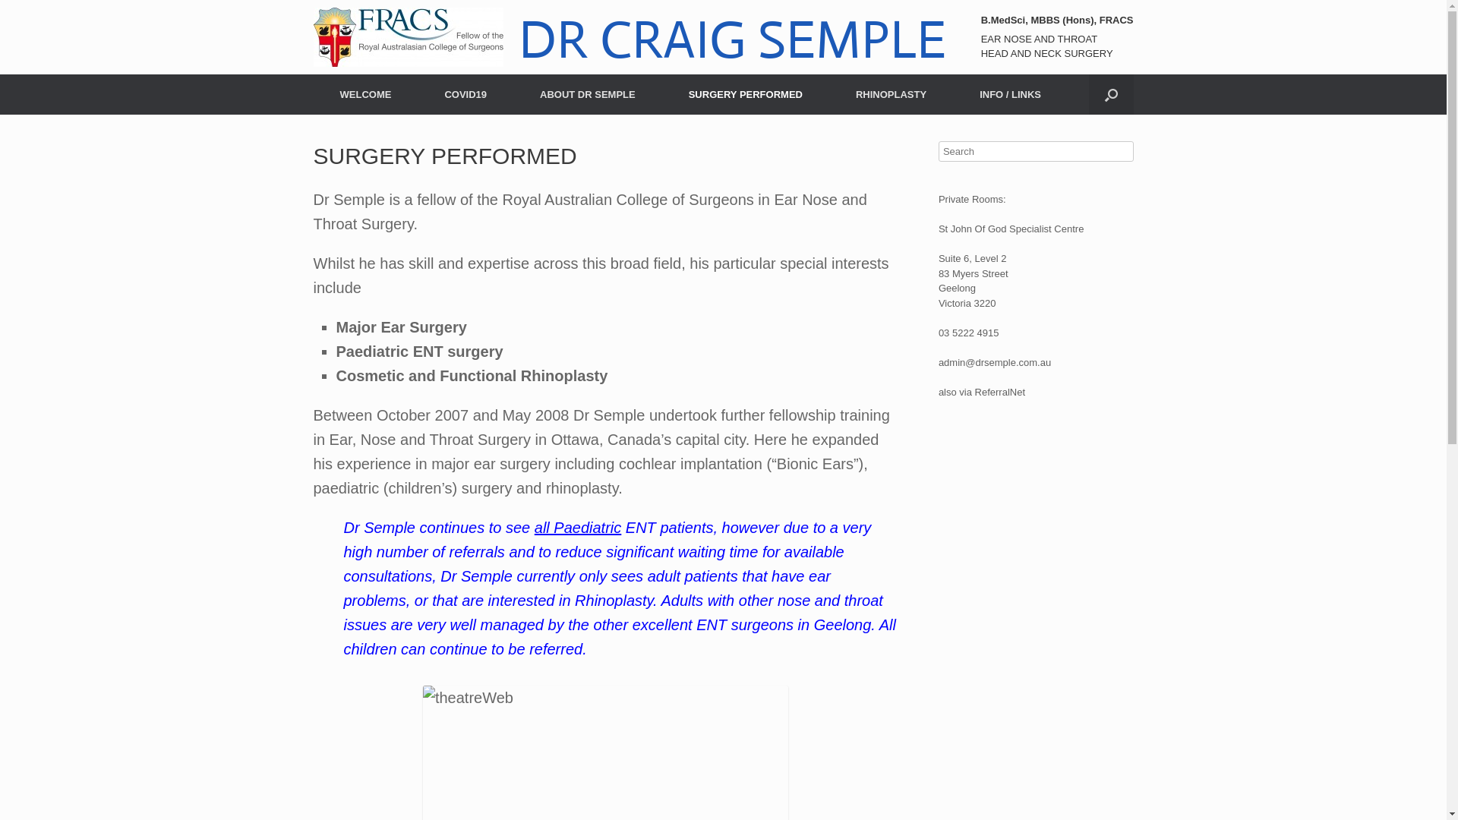 Image resolution: width=1458 pixels, height=820 pixels. I want to click on 'ABOUT DR SEMPLE', so click(586, 94).